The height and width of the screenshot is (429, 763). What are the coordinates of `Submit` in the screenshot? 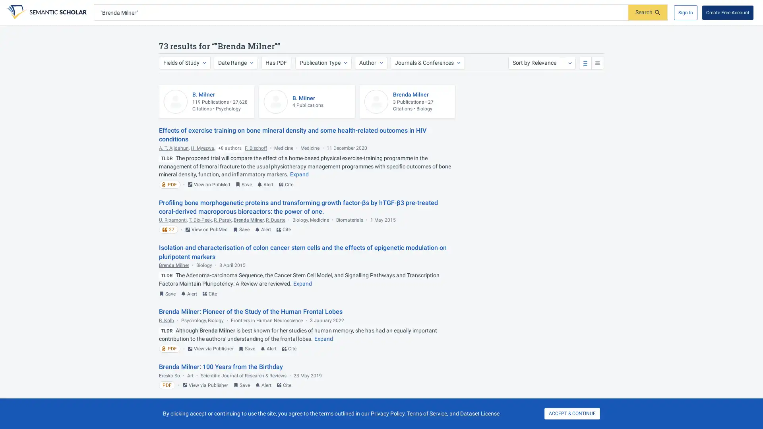 It's located at (648, 12).